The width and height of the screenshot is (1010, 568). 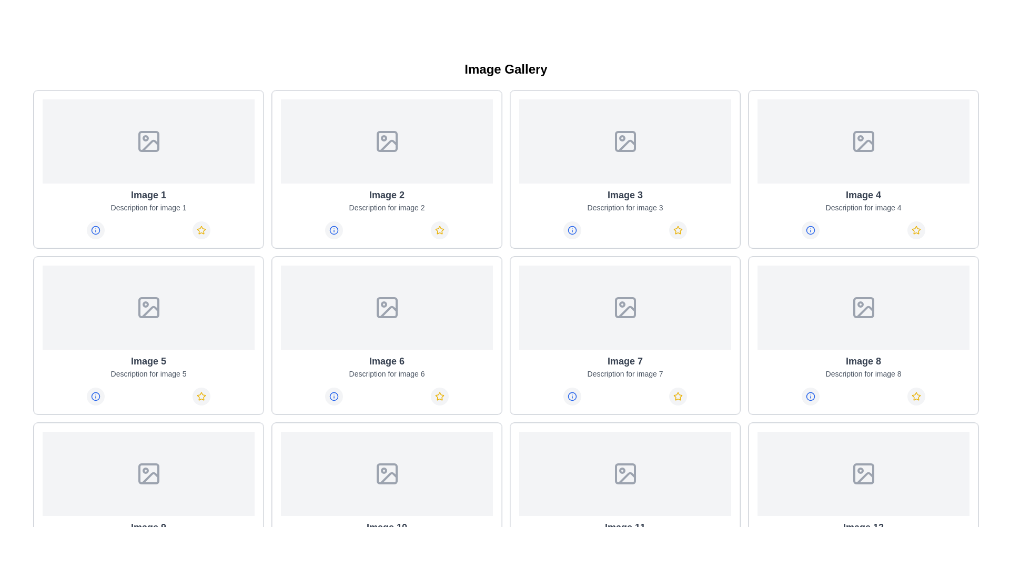 What do you see at coordinates (625, 308) in the screenshot?
I see `the graphical embellishment inside the picture icon of 'Image 7' located at the top-left corner` at bounding box center [625, 308].